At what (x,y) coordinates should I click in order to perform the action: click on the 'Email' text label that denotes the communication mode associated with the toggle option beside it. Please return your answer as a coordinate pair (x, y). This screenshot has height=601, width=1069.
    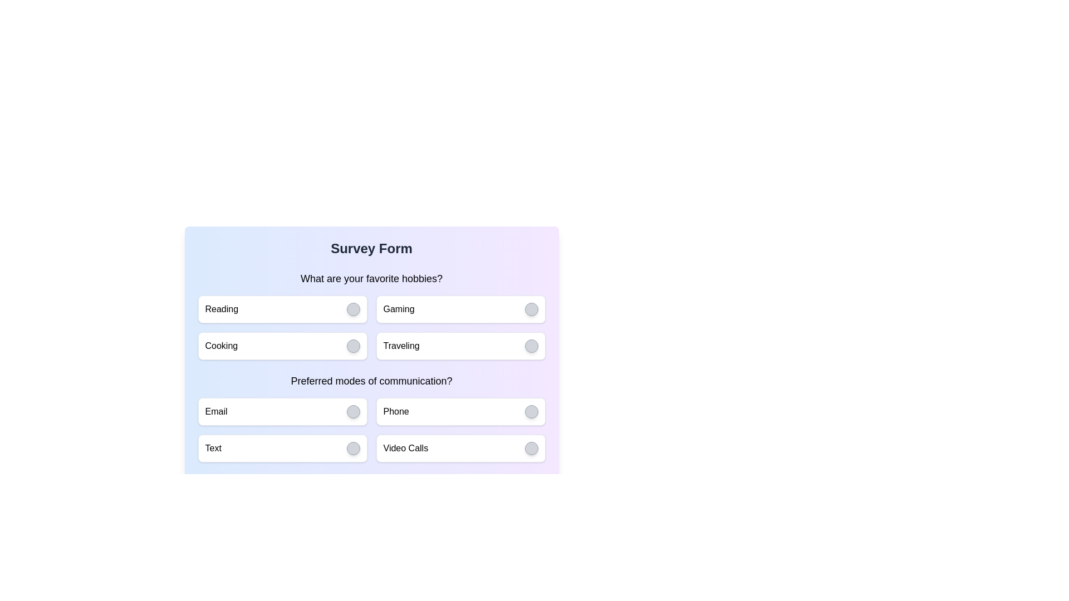
    Looking at the image, I should click on (216, 412).